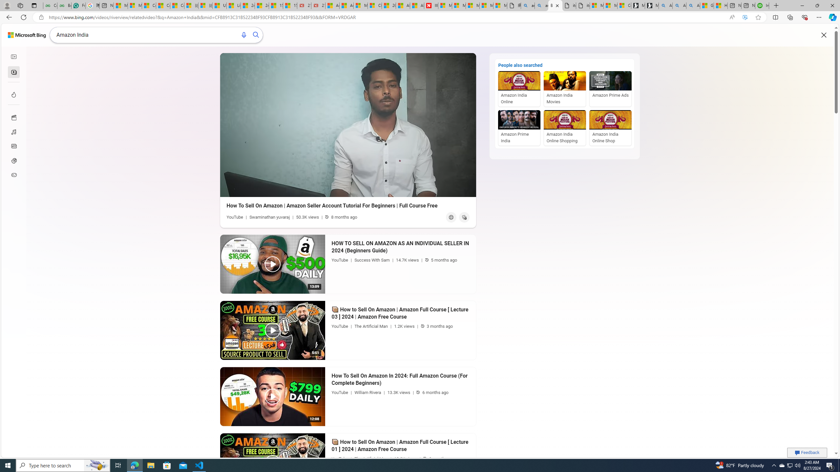  What do you see at coordinates (64, 5) in the screenshot?
I see `'Best SSL Certificates Provider in India - GeeksforGeeks'` at bounding box center [64, 5].